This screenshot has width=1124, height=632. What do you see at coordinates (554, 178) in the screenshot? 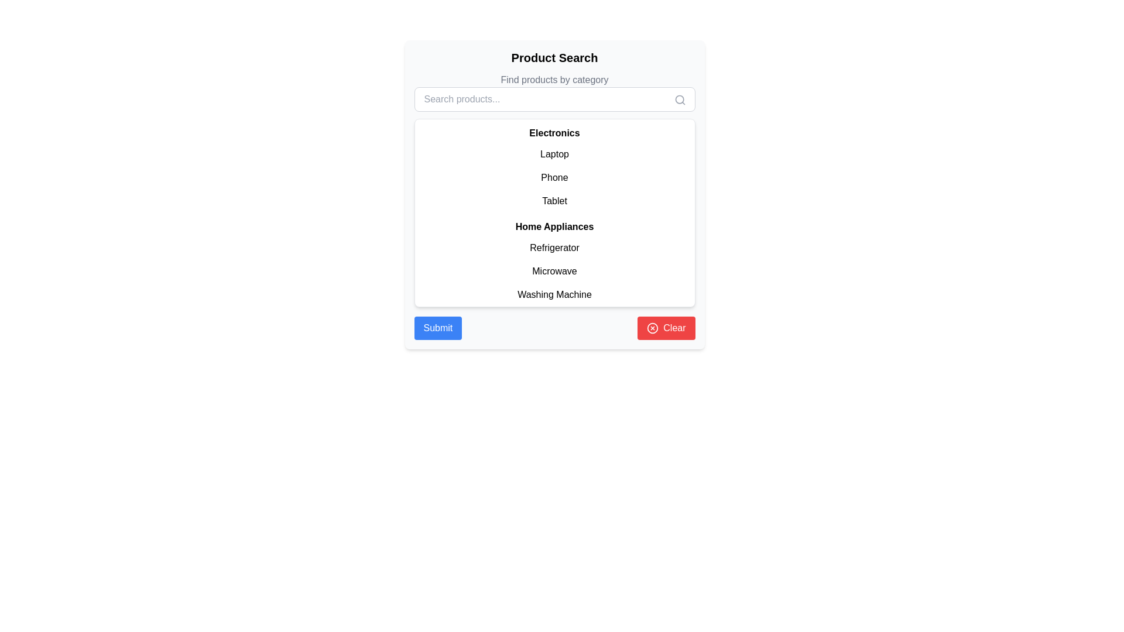
I see `the 'Phone' text label, which is the third item in the vertical list under the 'Electronics' header` at bounding box center [554, 178].